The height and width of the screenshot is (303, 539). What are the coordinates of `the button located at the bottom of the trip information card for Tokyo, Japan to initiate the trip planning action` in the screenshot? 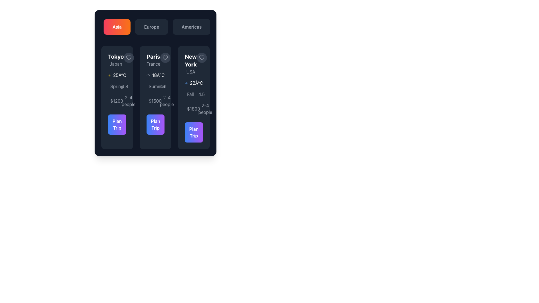 It's located at (117, 124).